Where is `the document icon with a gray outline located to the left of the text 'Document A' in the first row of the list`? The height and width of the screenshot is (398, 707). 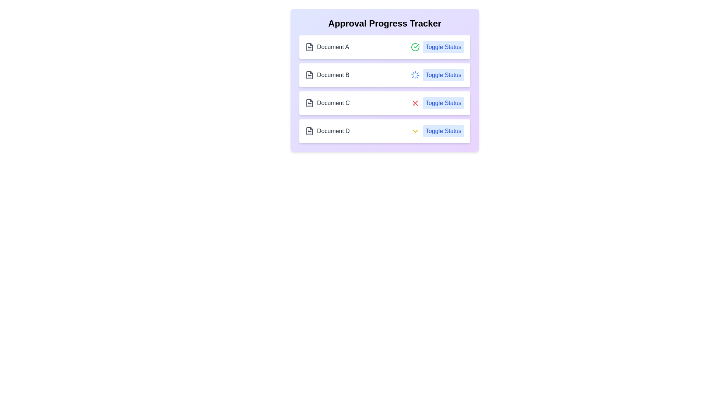
the document icon with a gray outline located to the left of the text 'Document A' in the first row of the list is located at coordinates (309, 47).